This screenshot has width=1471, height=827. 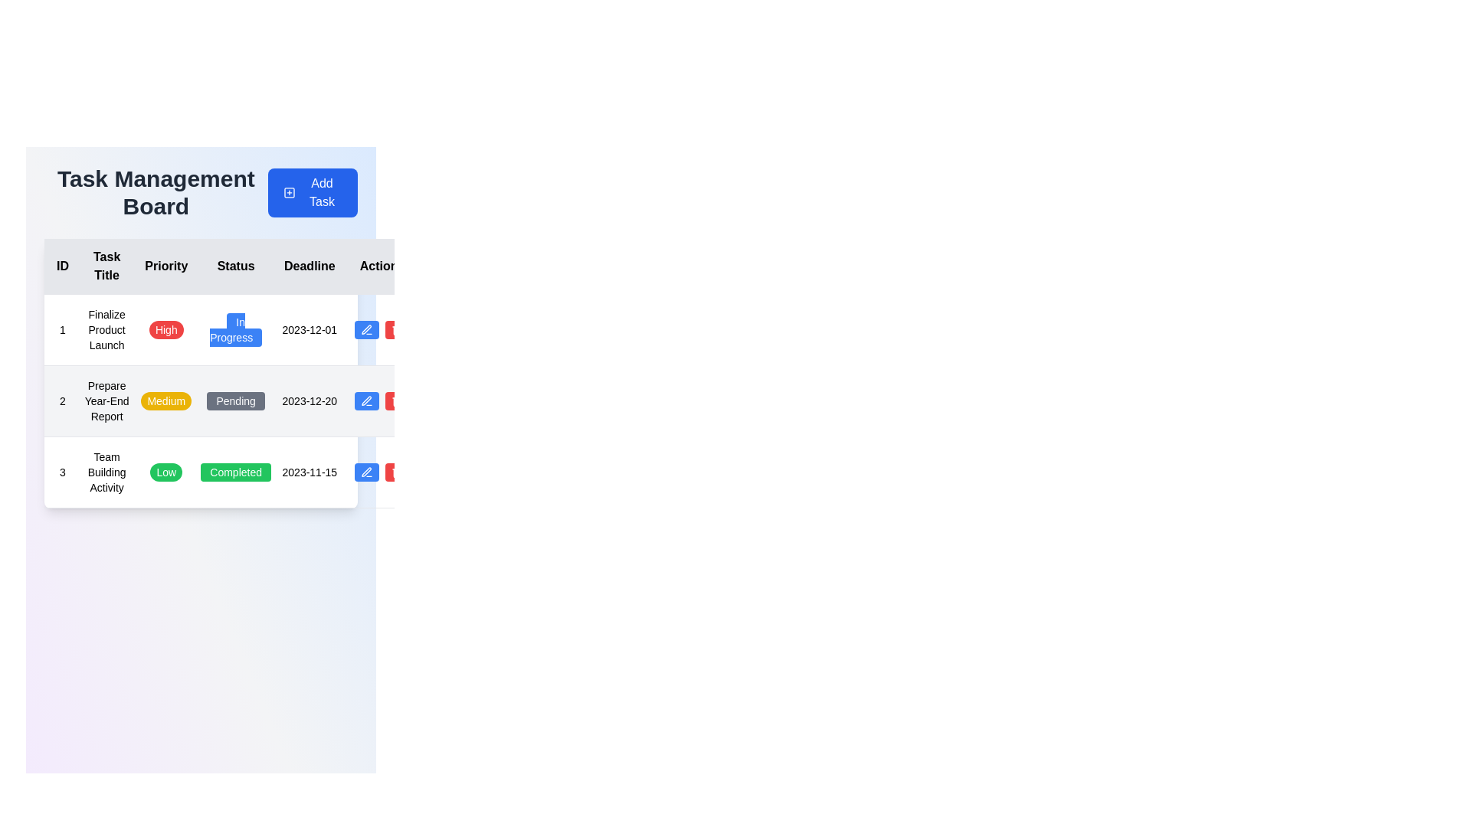 What do you see at coordinates (289, 191) in the screenshot?
I see `the 'Add Task' button by targeting the plus icon which is a square-shaped icon with a blue background and white border, located at the top-right corner next to the 'Task Management Board' heading` at bounding box center [289, 191].